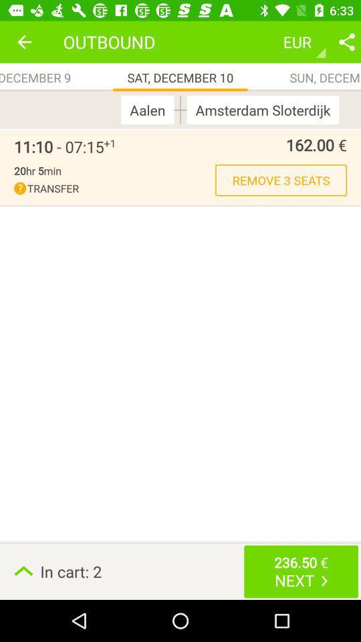  What do you see at coordinates (180, 109) in the screenshot?
I see `icon to the left of amsterdam sloterdijk` at bounding box center [180, 109].